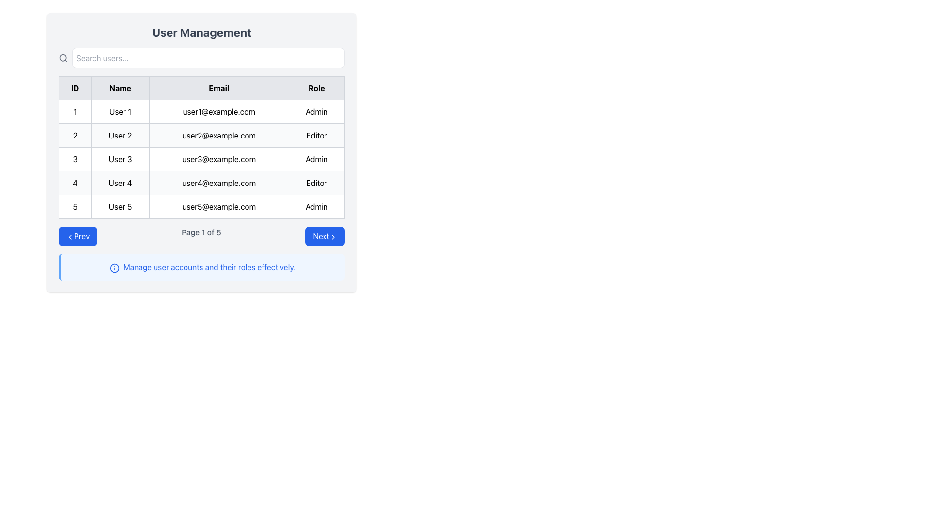  What do you see at coordinates (62, 58) in the screenshot?
I see `the search icon located at the leftmost position of the search input bar in the 'User Management' section, which serves as a visual indicator for search functionality` at bounding box center [62, 58].